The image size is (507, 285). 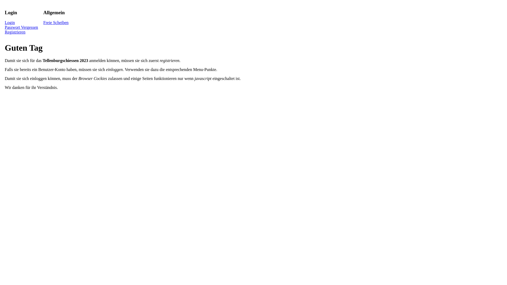 I want to click on 'Passwort Vergessen', so click(x=5, y=27).